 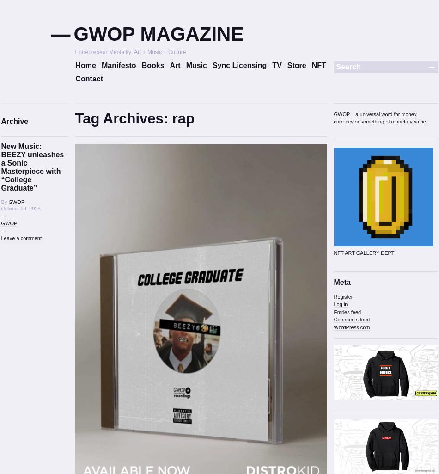 I want to click on 'Register', so click(x=342, y=296).